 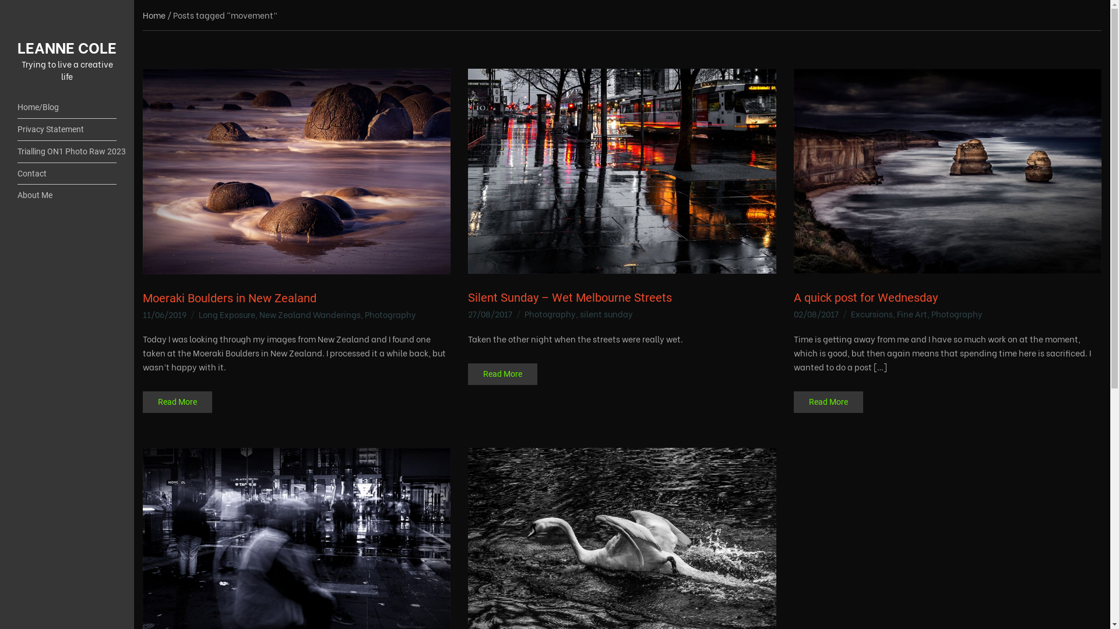 I want to click on 'Privacy Statement', so click(x=66, y=130).